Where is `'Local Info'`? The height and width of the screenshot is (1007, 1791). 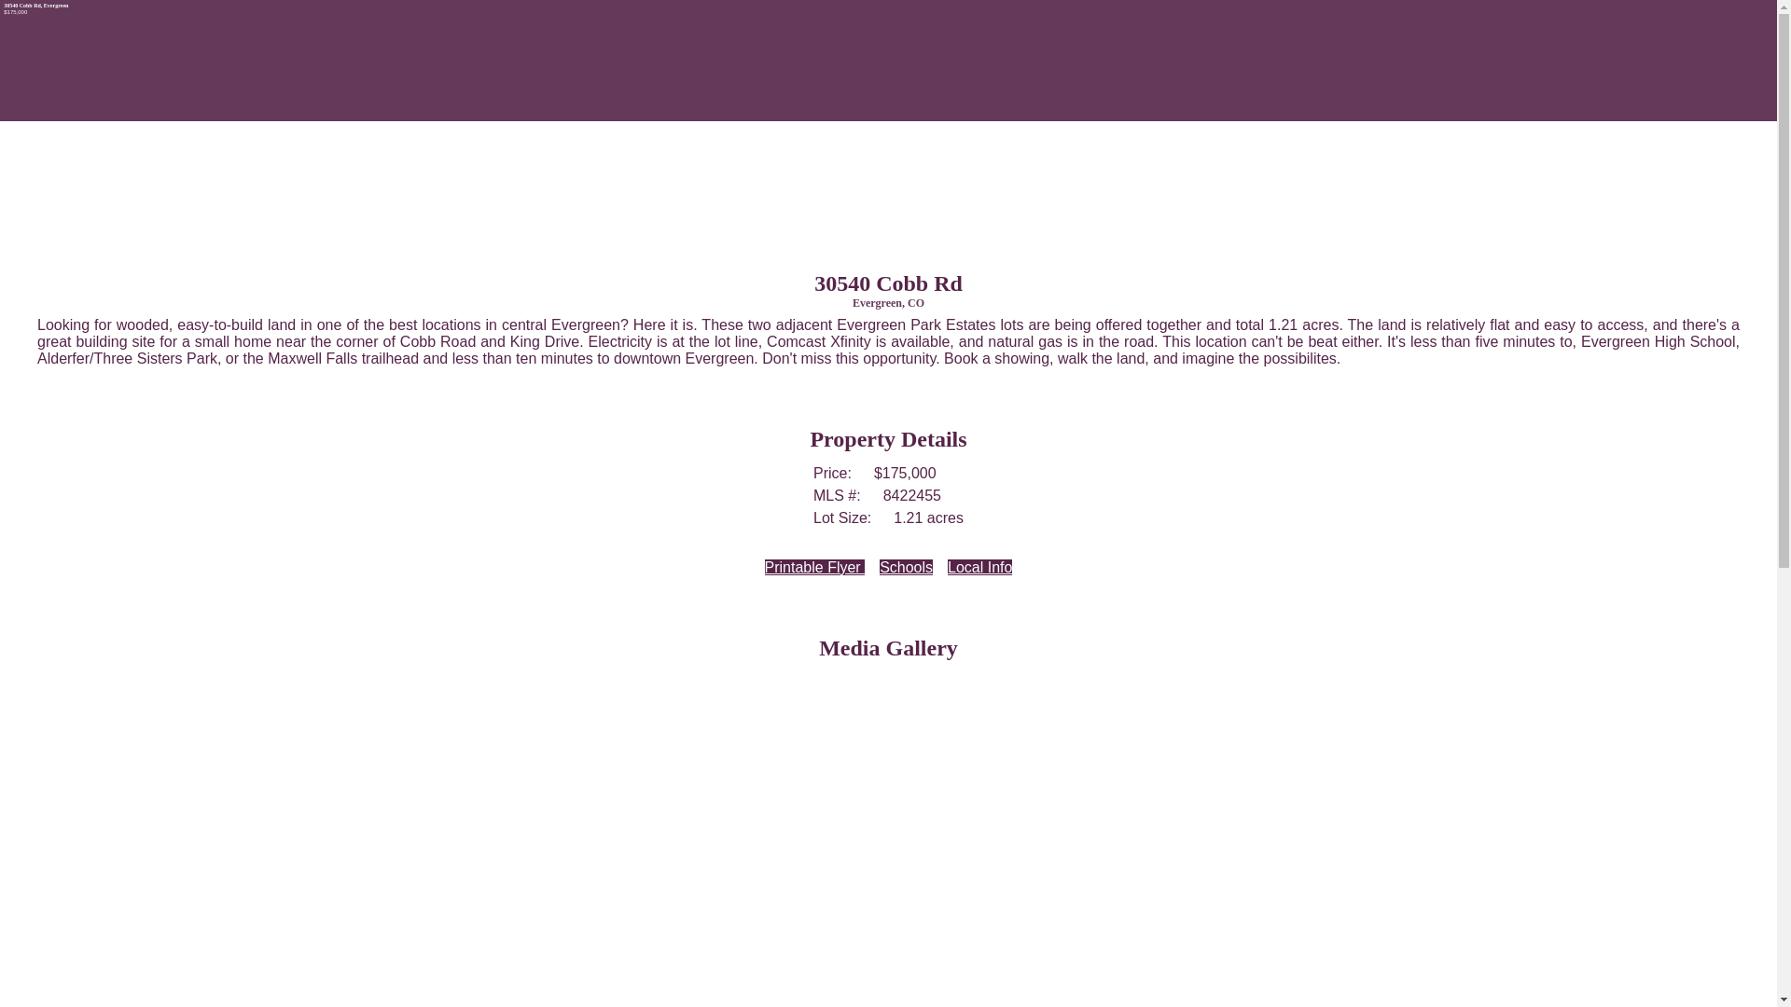 'Local Info' is located at coordinates (979, 566).